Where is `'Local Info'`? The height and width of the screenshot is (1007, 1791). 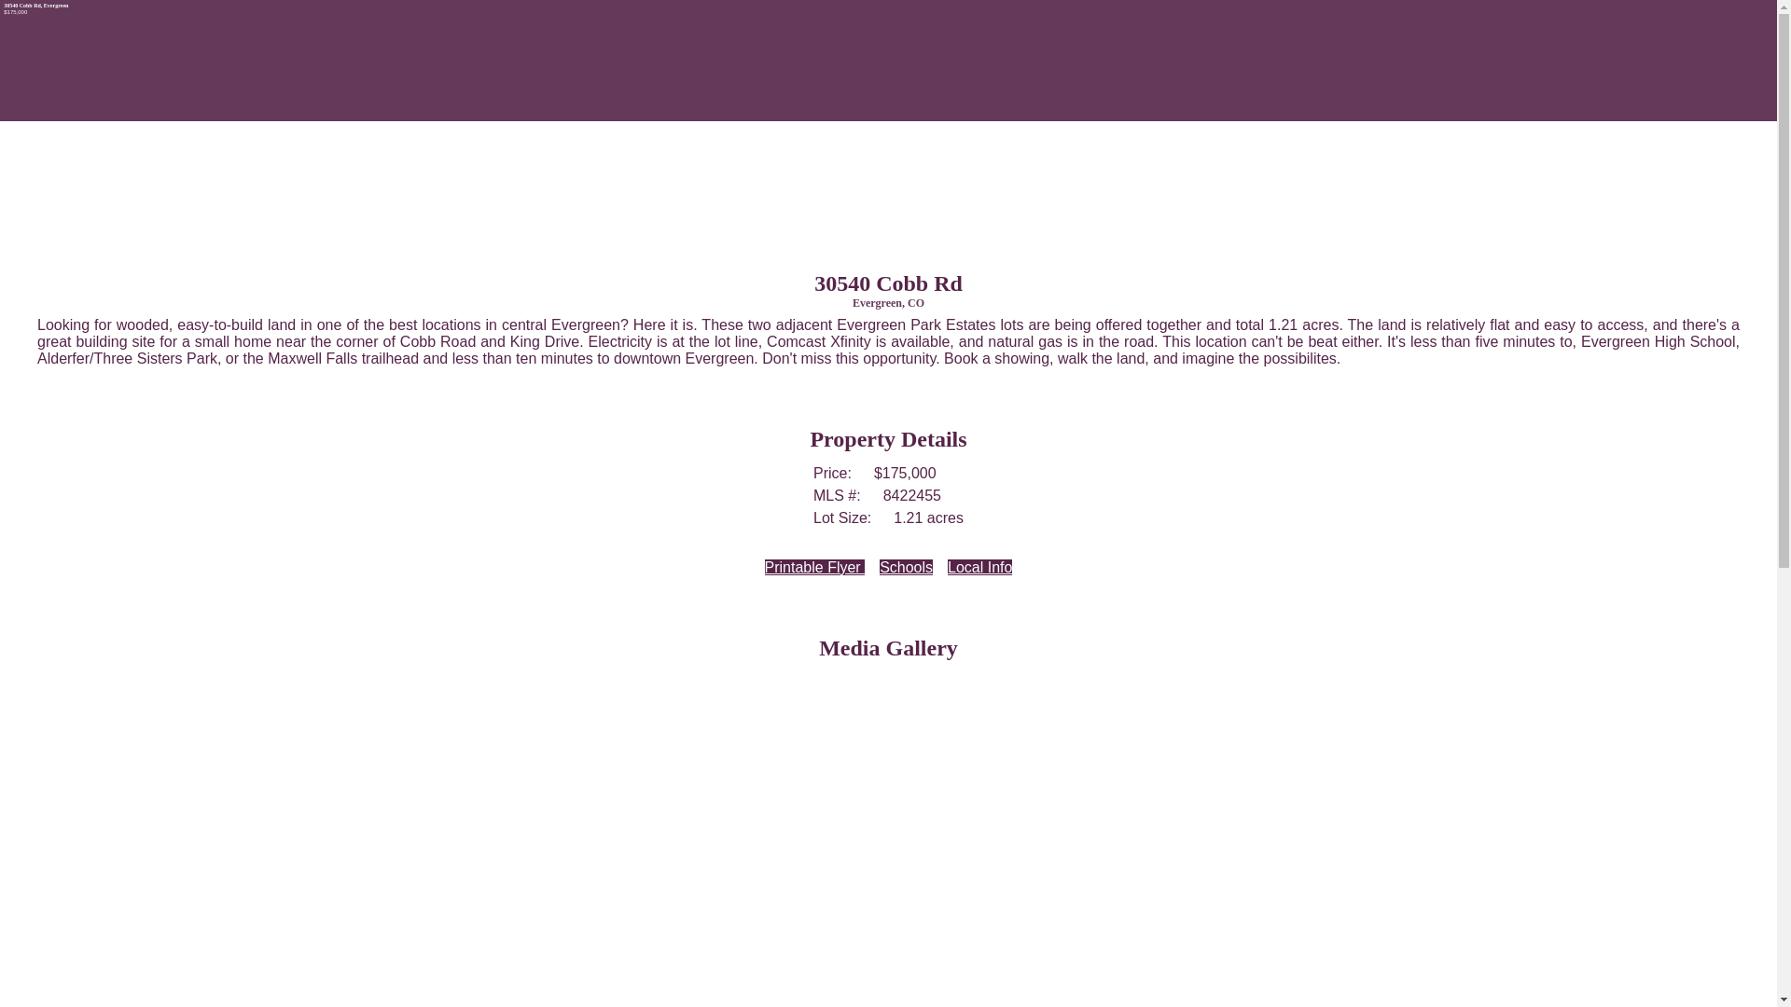 'Local Info' is located at coordinates (979, 566).